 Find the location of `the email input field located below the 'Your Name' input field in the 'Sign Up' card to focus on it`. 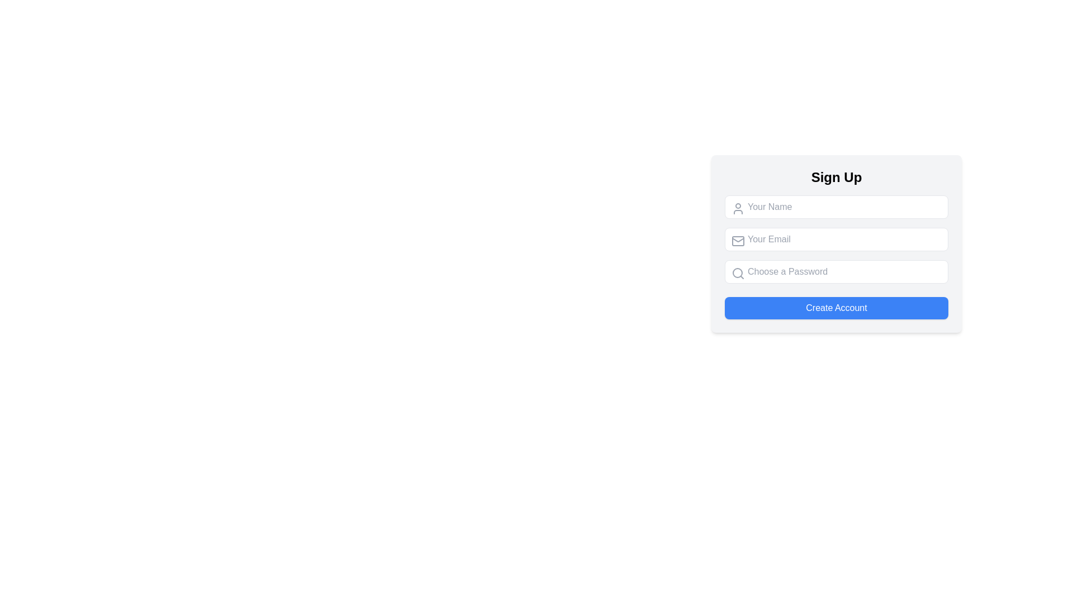

the email input field located below the 'Your Name' input field in the 'Sign Up' card to focus on it is located at coordinates (837, 238).